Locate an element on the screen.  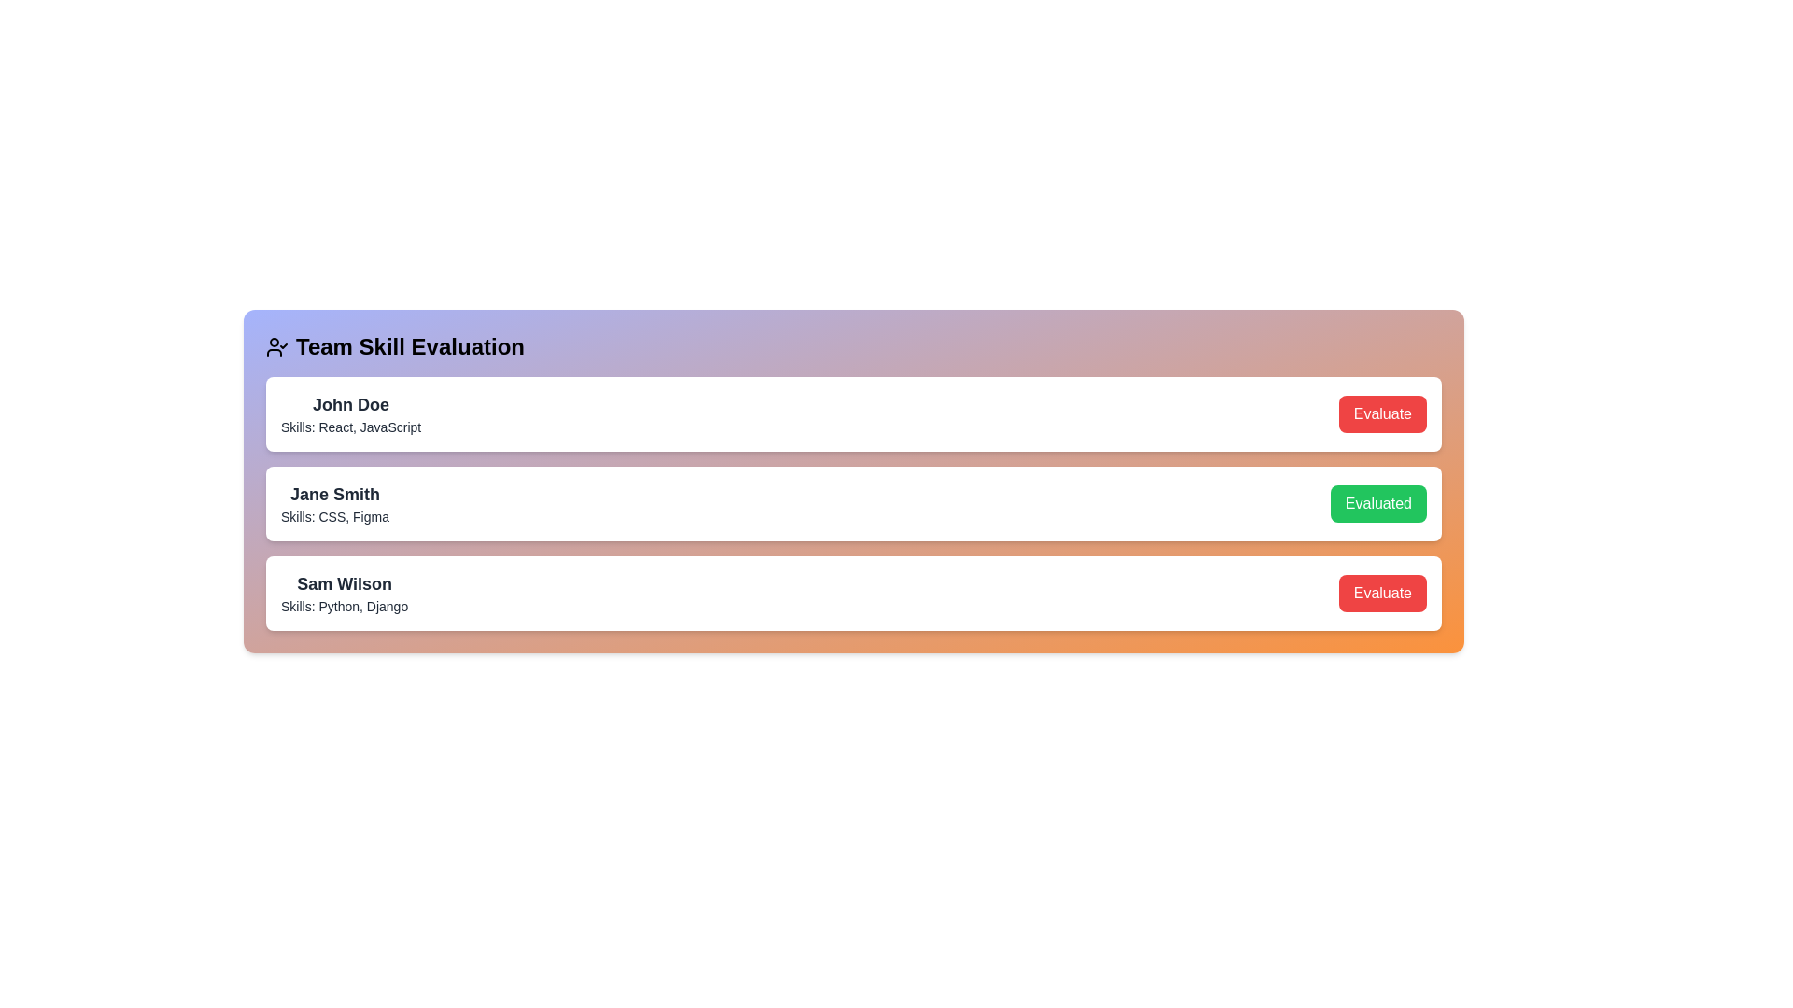
the interactive button located at the far-right end of the row containing 'Jane Smith' and 'Skills: CSS, Figma' to confirm the 'Evaluated' status is located at coordinates (1378, 504).